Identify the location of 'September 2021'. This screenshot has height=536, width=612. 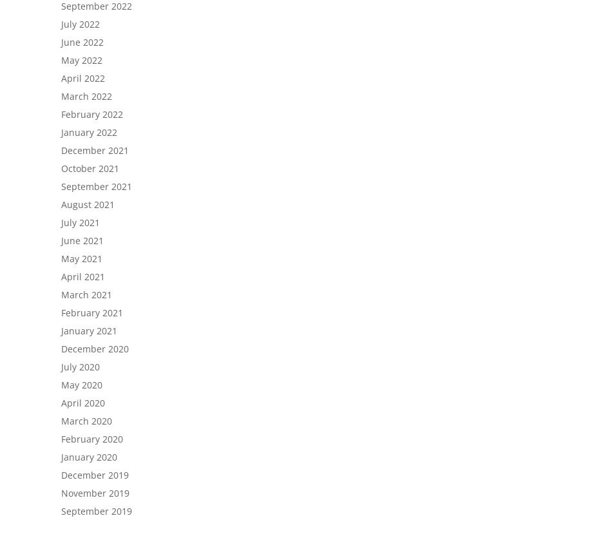
(61, 186).